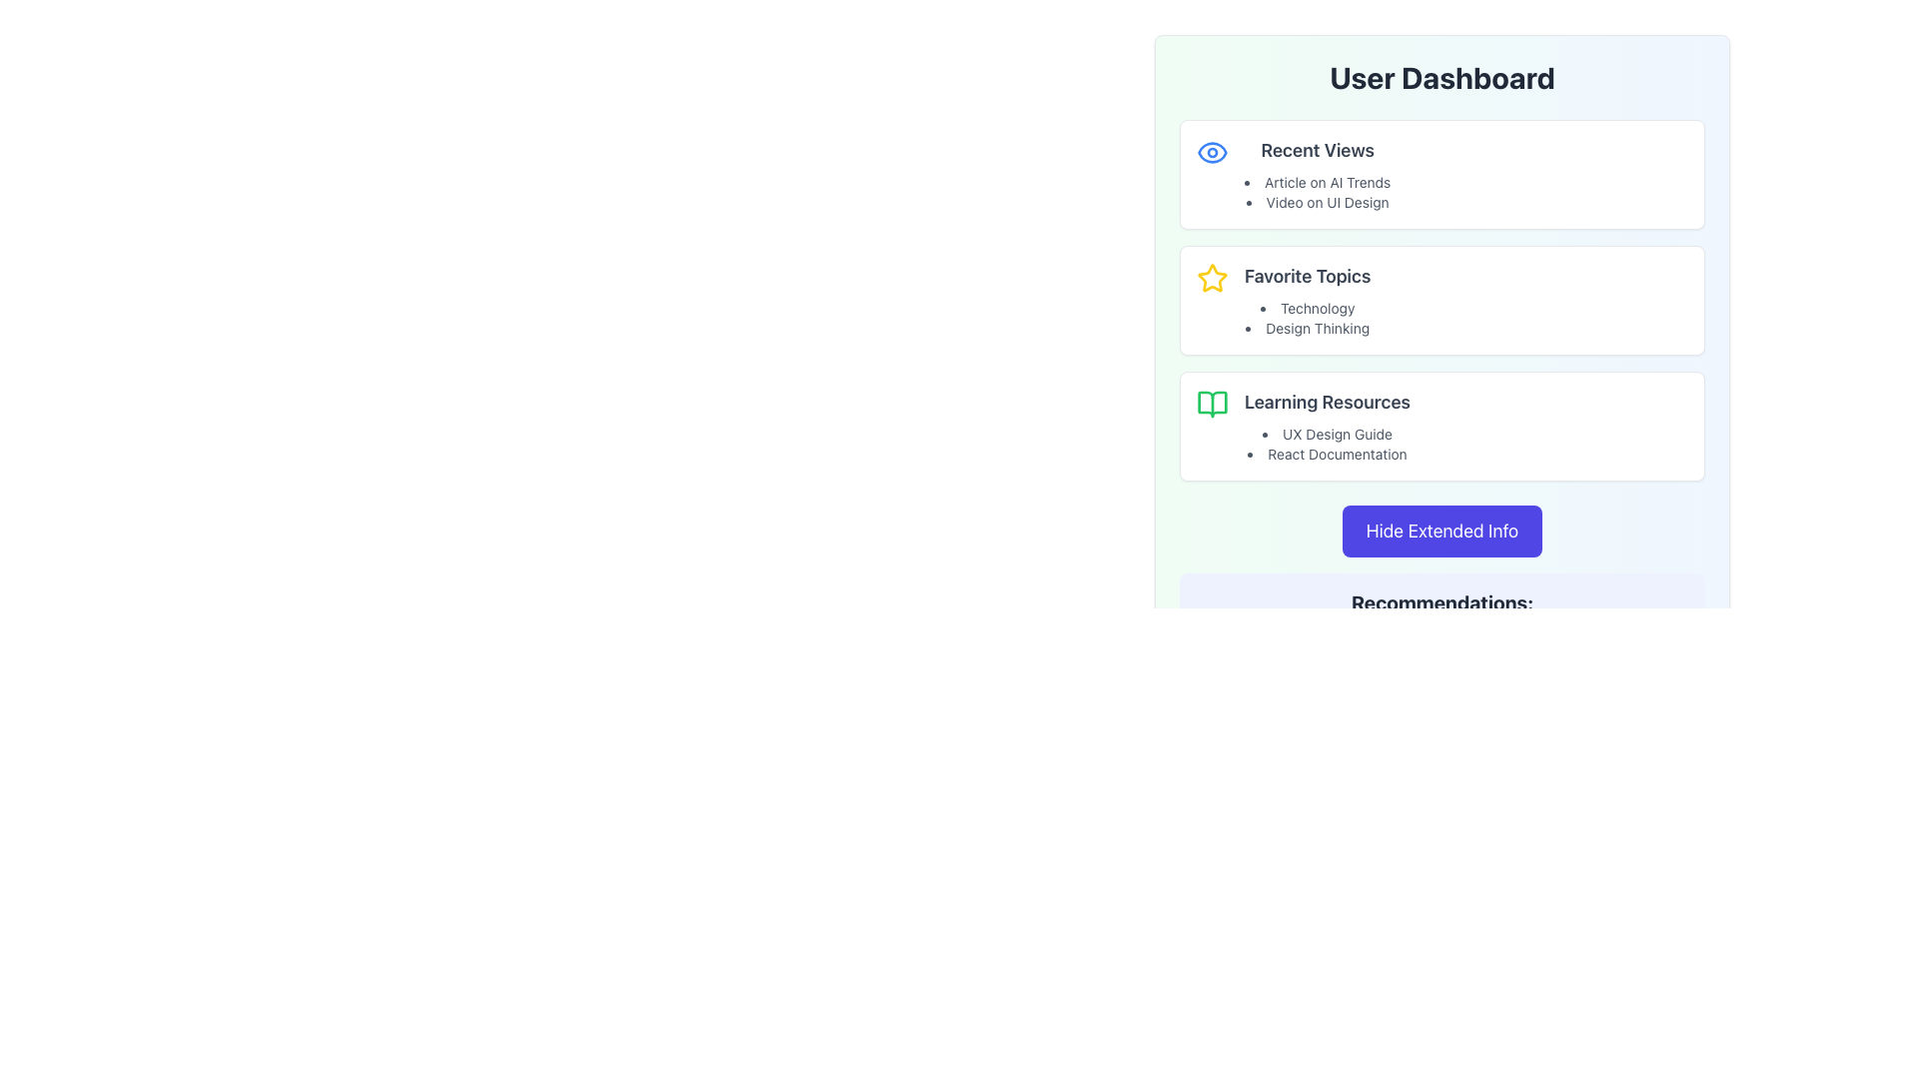 This screenshot has width=1918, height=1079. Describe the element at coordinates (1328, 443) in the screenshot. I see `the first item in the bulleted list titled 'UX Design Guide' which is styled in gray and located under 'Learning Resources.'` at that location.